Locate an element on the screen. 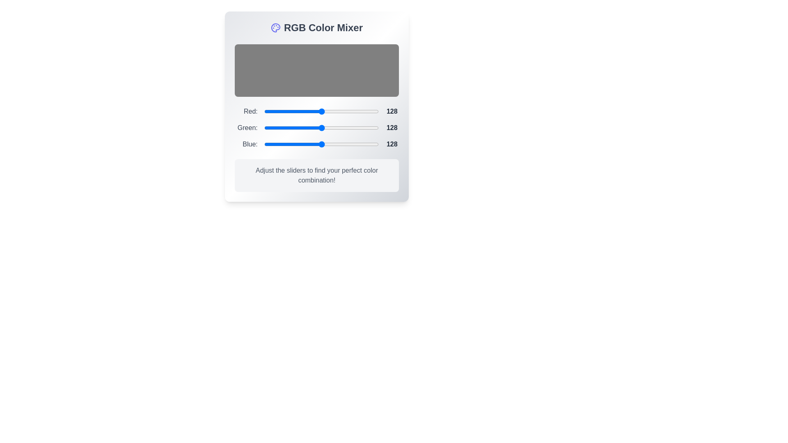 This screenshot has width=788, height=443. the 0 slider to 178 is located at coordinates (344, 112).